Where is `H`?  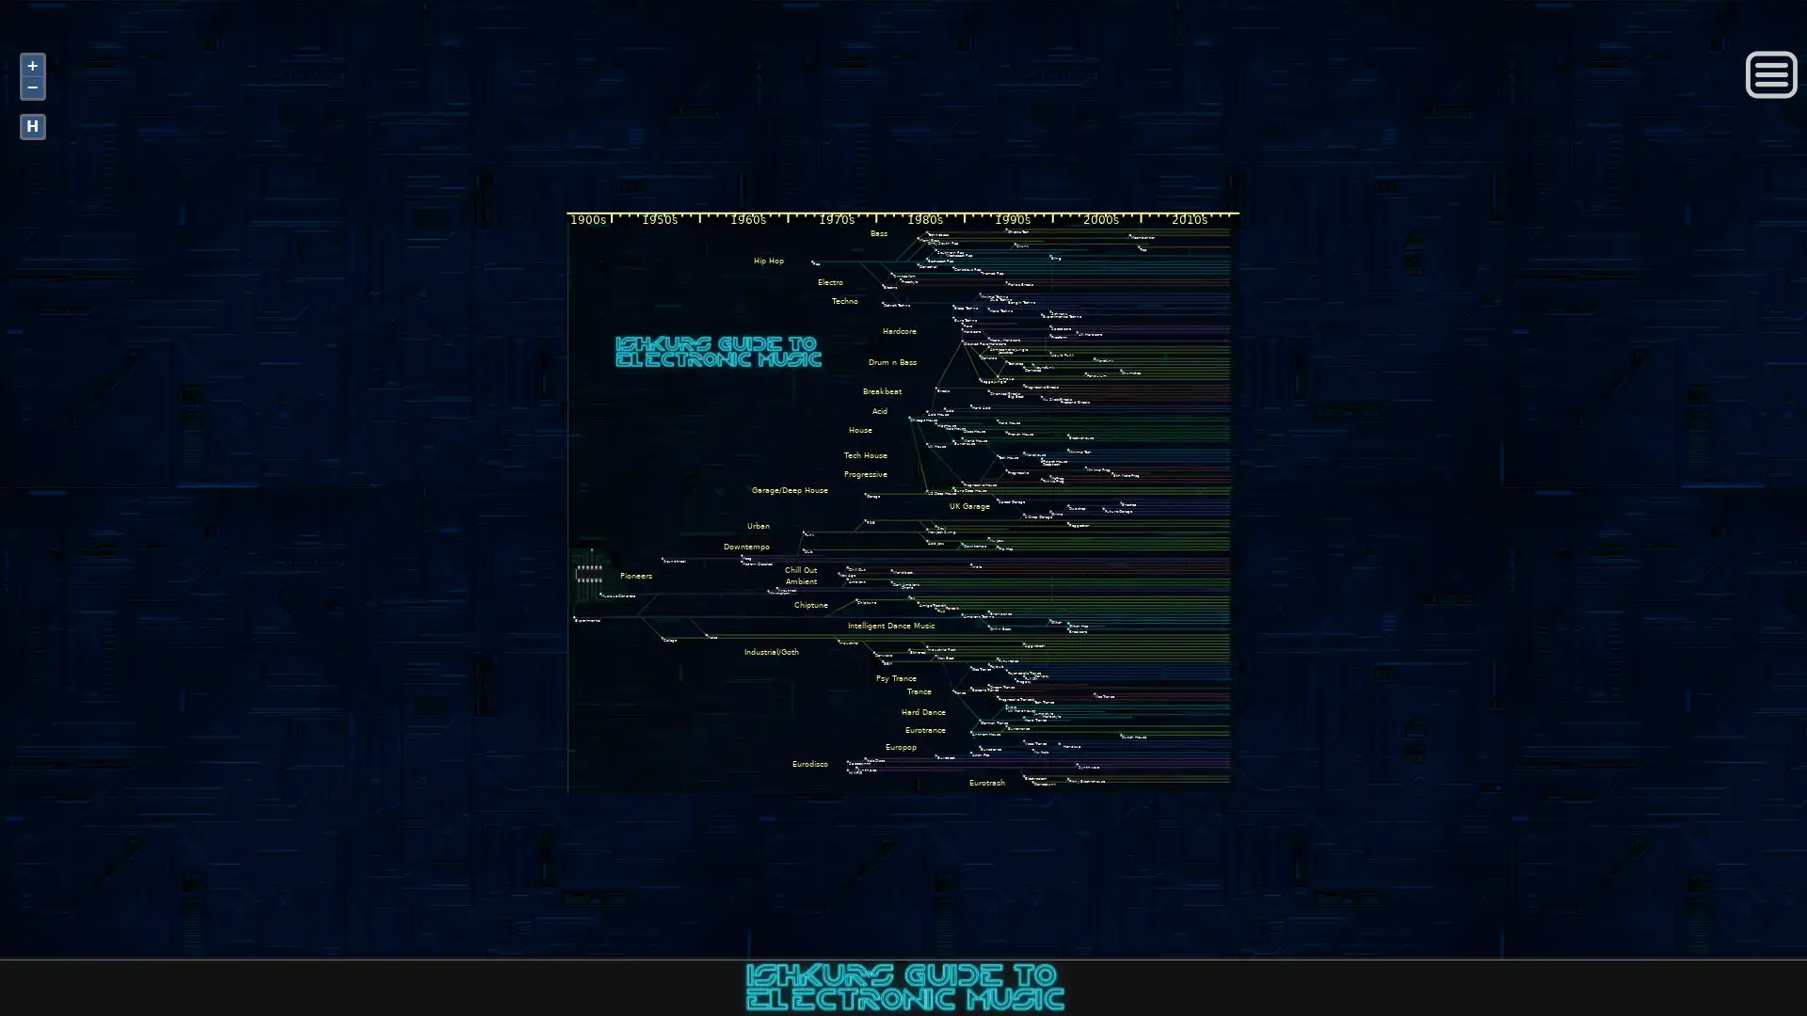
H is located at coordinates (32, 126).